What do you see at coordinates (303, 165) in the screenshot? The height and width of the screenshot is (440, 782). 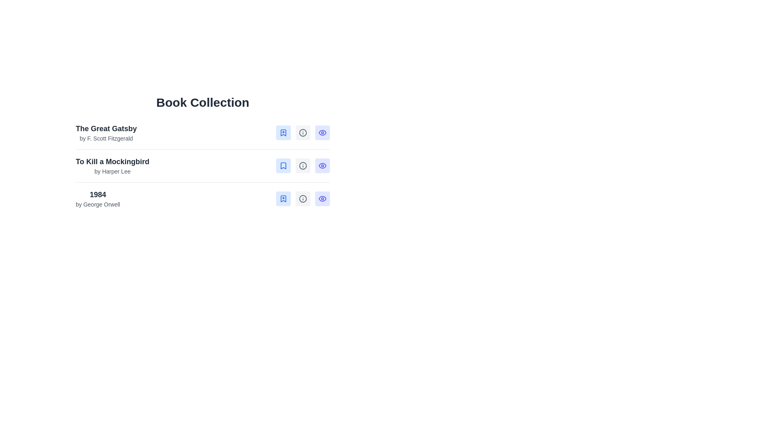 I see `the 'Details' Icon Button located to the right of the 'To Kill a Mockingbird' text in the second row of the list` at bounding box center [303, 165].